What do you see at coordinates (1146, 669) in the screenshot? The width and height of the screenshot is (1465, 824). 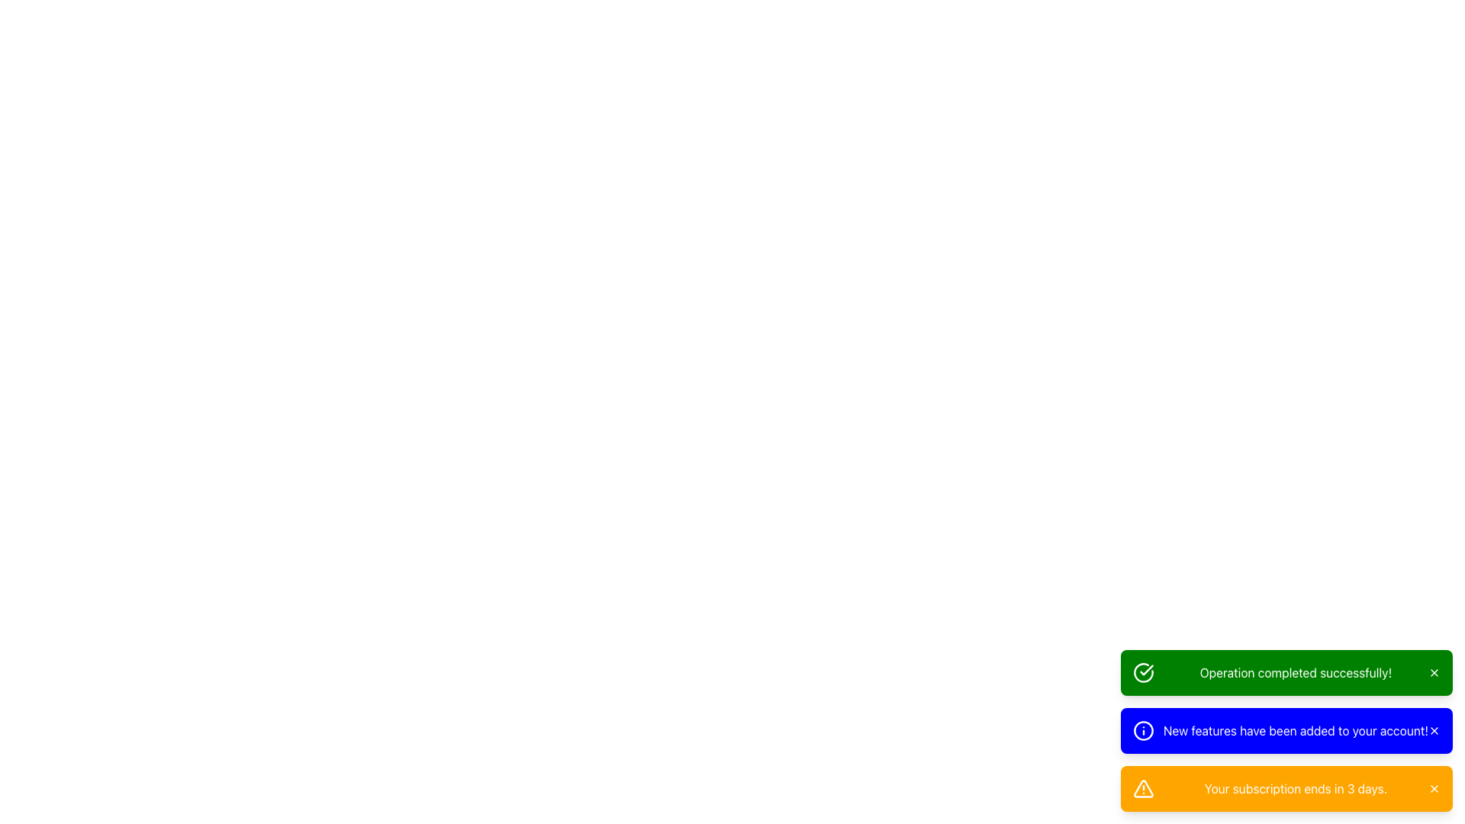 I see `the check mark icon within the green button, which indicates a successful operation` at bounding box center [1146, 669].